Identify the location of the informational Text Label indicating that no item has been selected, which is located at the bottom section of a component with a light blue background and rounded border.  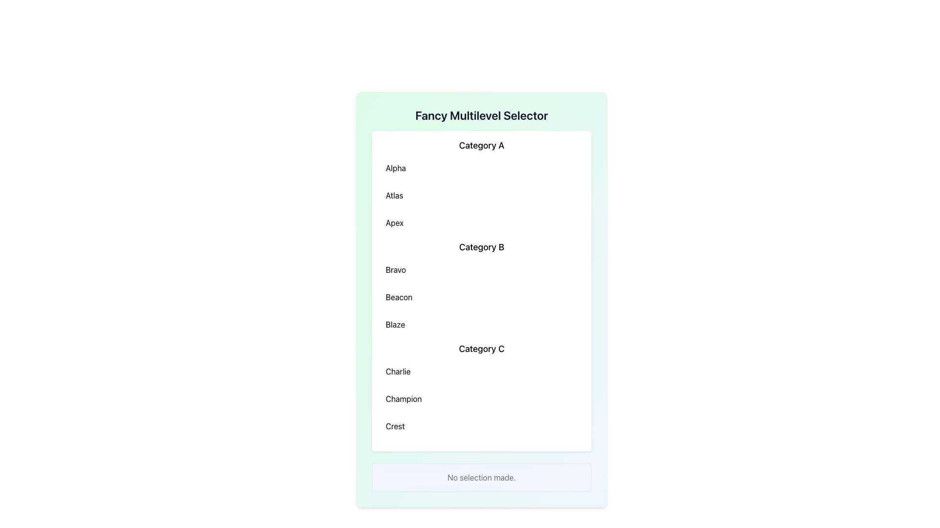
(481, 477).